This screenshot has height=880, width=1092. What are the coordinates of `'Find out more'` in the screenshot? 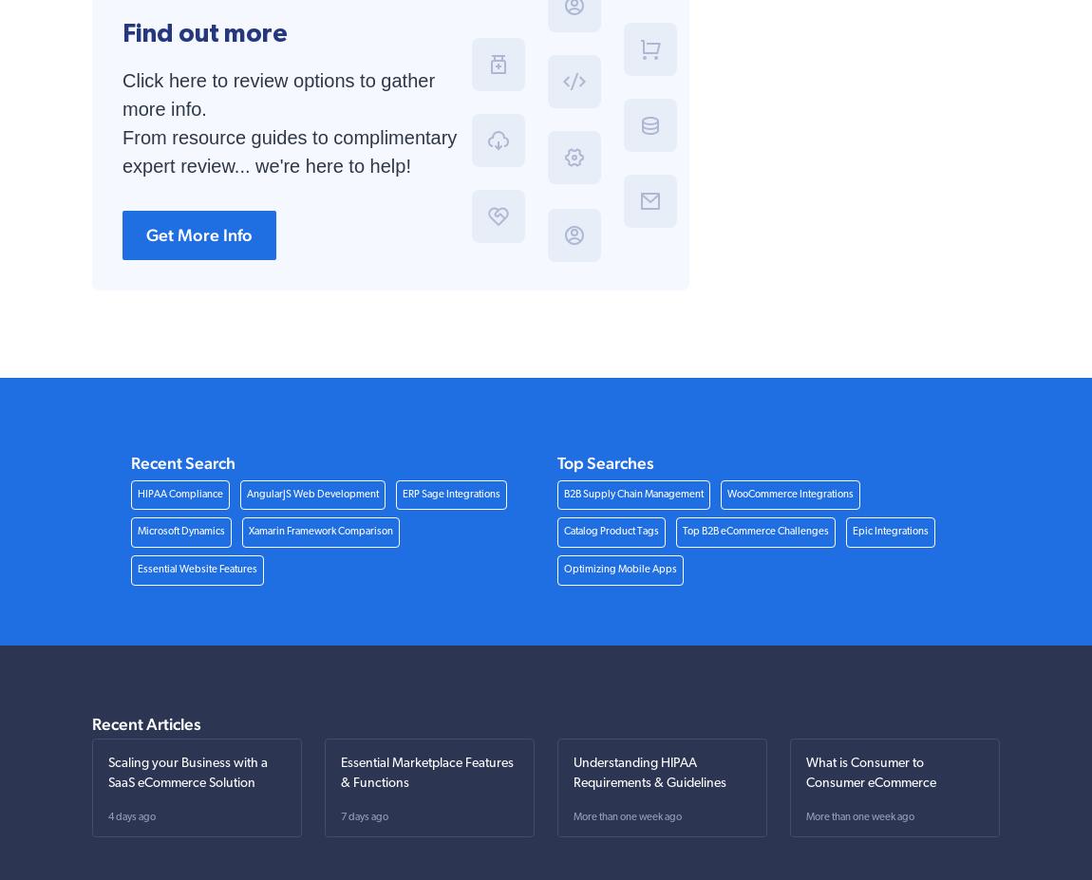 It's located at (122, 31).